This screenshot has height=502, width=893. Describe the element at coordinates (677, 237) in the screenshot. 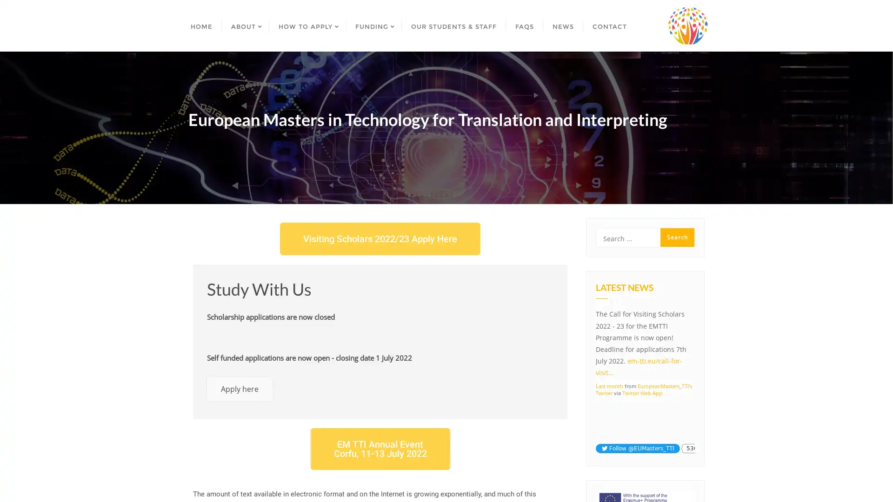

I see `Search` at that location.